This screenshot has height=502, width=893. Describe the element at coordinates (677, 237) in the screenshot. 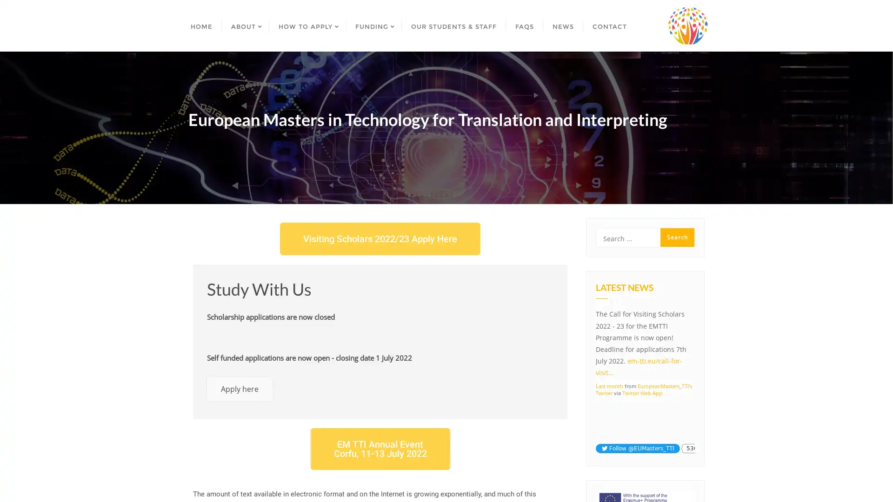

I see `Search` at that location.